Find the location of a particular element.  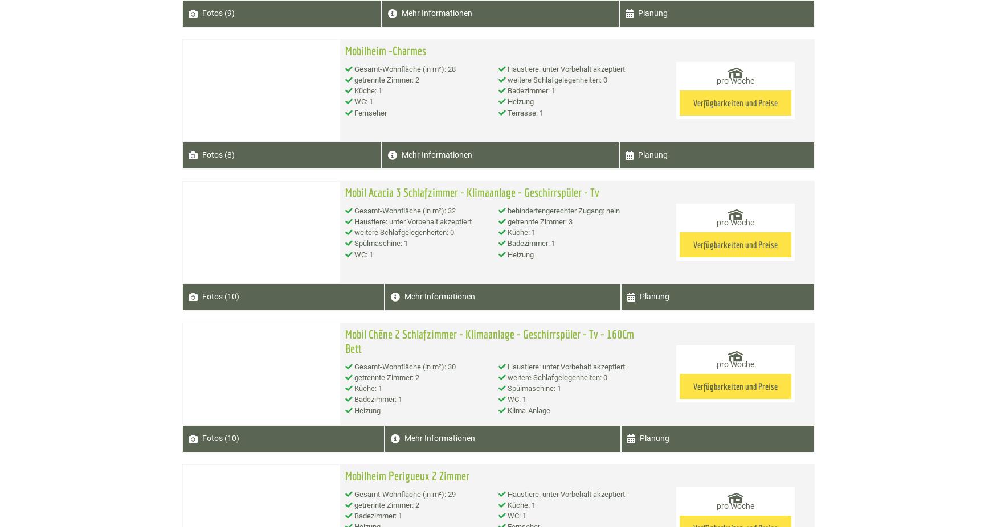

'Gesamt-Wohnfläche (in m²): 30' is located at coordinates (352, 365).